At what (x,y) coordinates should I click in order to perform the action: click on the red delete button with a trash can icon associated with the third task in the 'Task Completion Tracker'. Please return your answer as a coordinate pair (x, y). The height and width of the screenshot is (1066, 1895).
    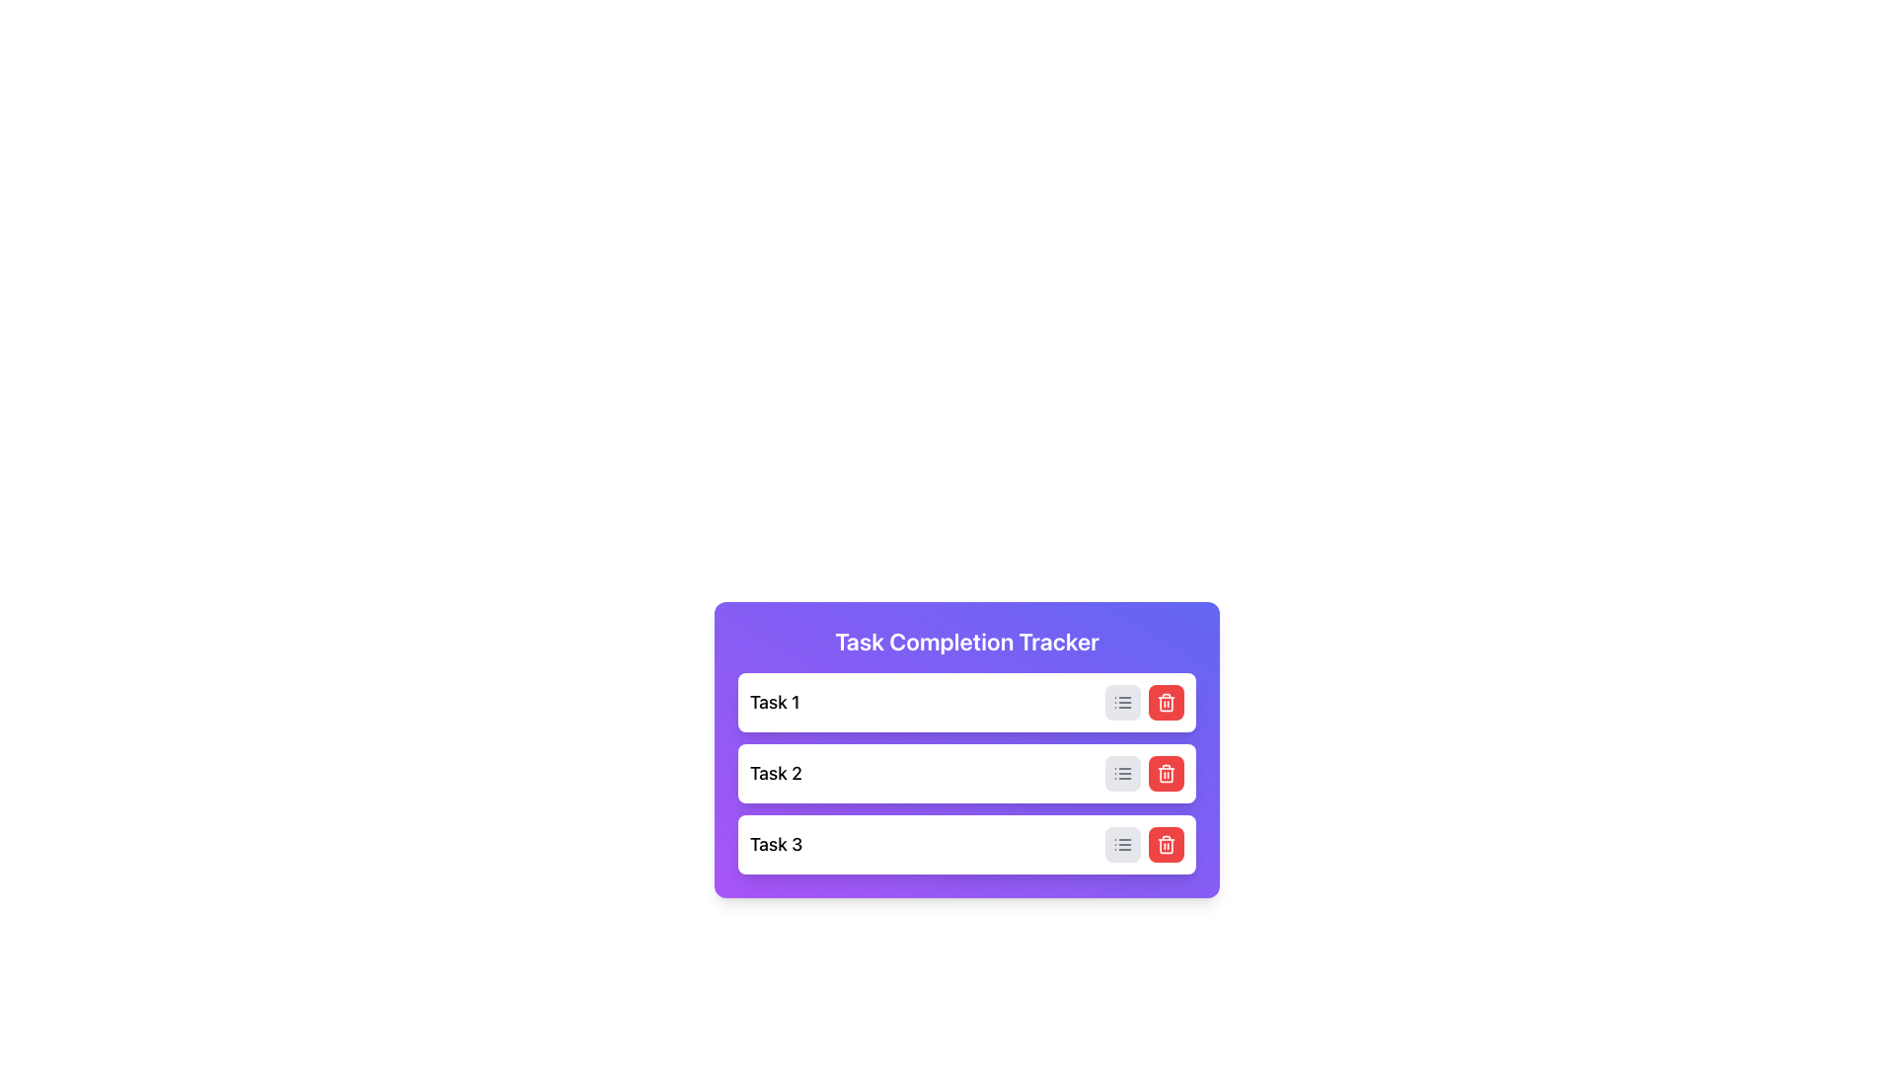
    Looking at the image, I should click on (1166, 844).